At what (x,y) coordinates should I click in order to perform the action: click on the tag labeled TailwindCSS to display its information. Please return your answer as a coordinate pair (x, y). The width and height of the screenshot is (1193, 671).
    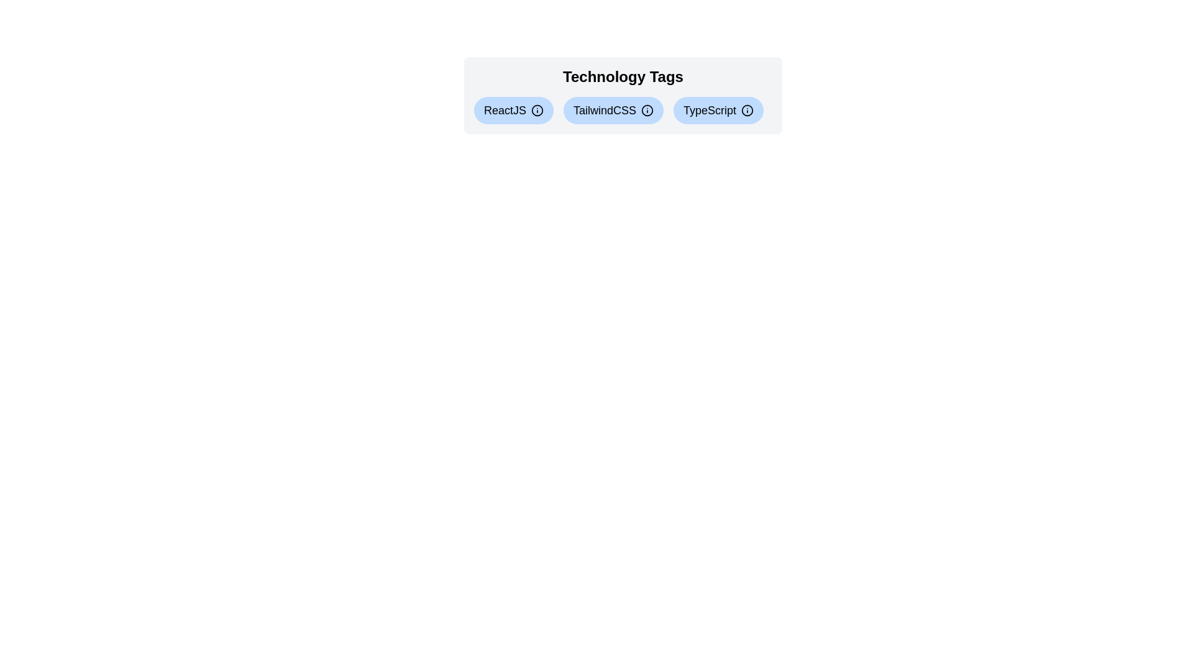
    Looking at the image, I should click on (613, 109).